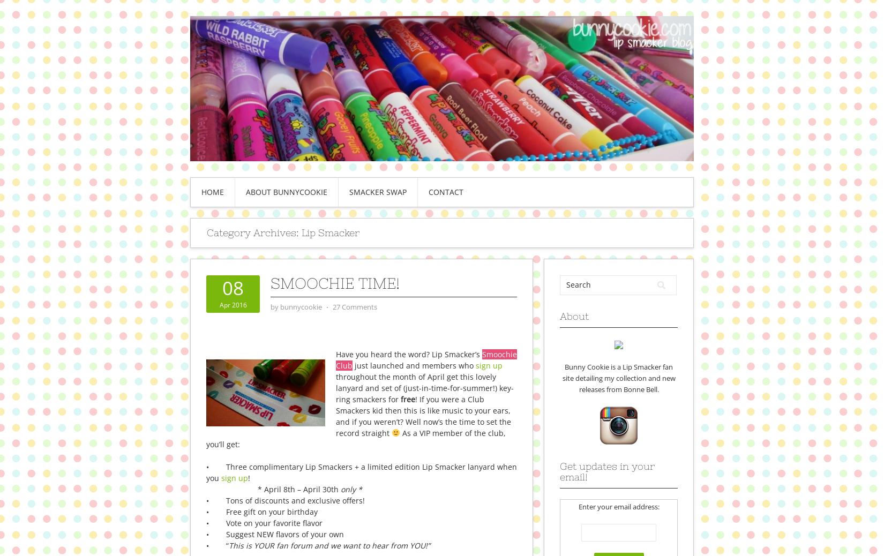  Describe the element at coordinates (425, 358) in the screenshot. I see `'Smoochie Club'` at that location.